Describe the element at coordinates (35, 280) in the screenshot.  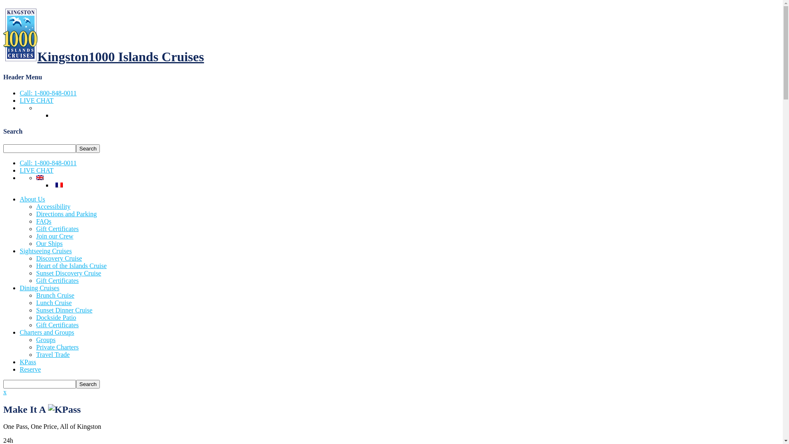
I see `'Gift Certificates'` at that location.